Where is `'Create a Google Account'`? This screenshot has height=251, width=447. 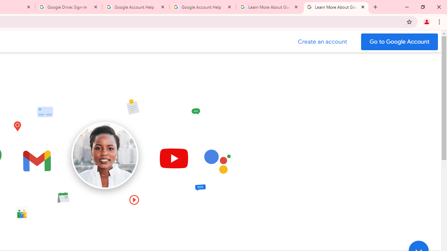 'Create a Google Account' is located at coordinates (322, 41).